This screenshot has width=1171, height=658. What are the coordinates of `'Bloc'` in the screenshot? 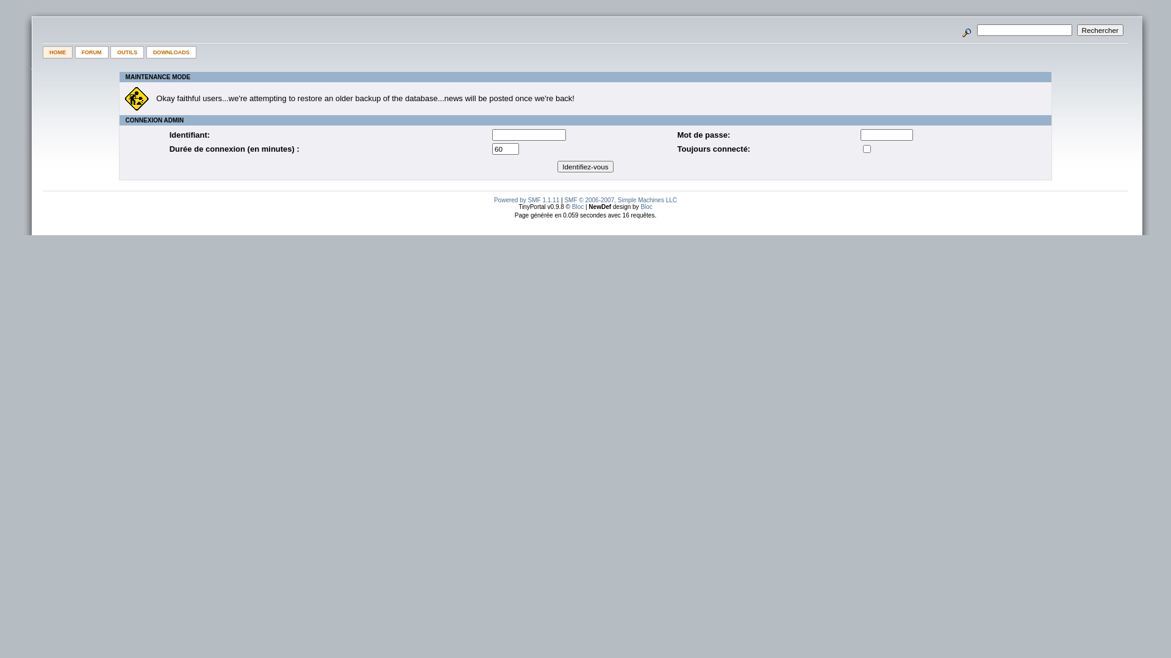 It's located at (645, 206).